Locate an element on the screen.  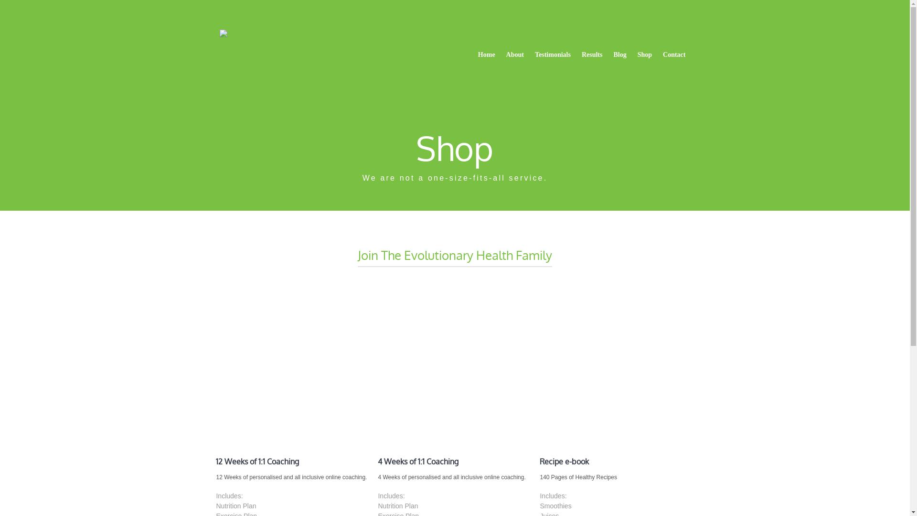
'Contact' is located at coordinates (673, 55).